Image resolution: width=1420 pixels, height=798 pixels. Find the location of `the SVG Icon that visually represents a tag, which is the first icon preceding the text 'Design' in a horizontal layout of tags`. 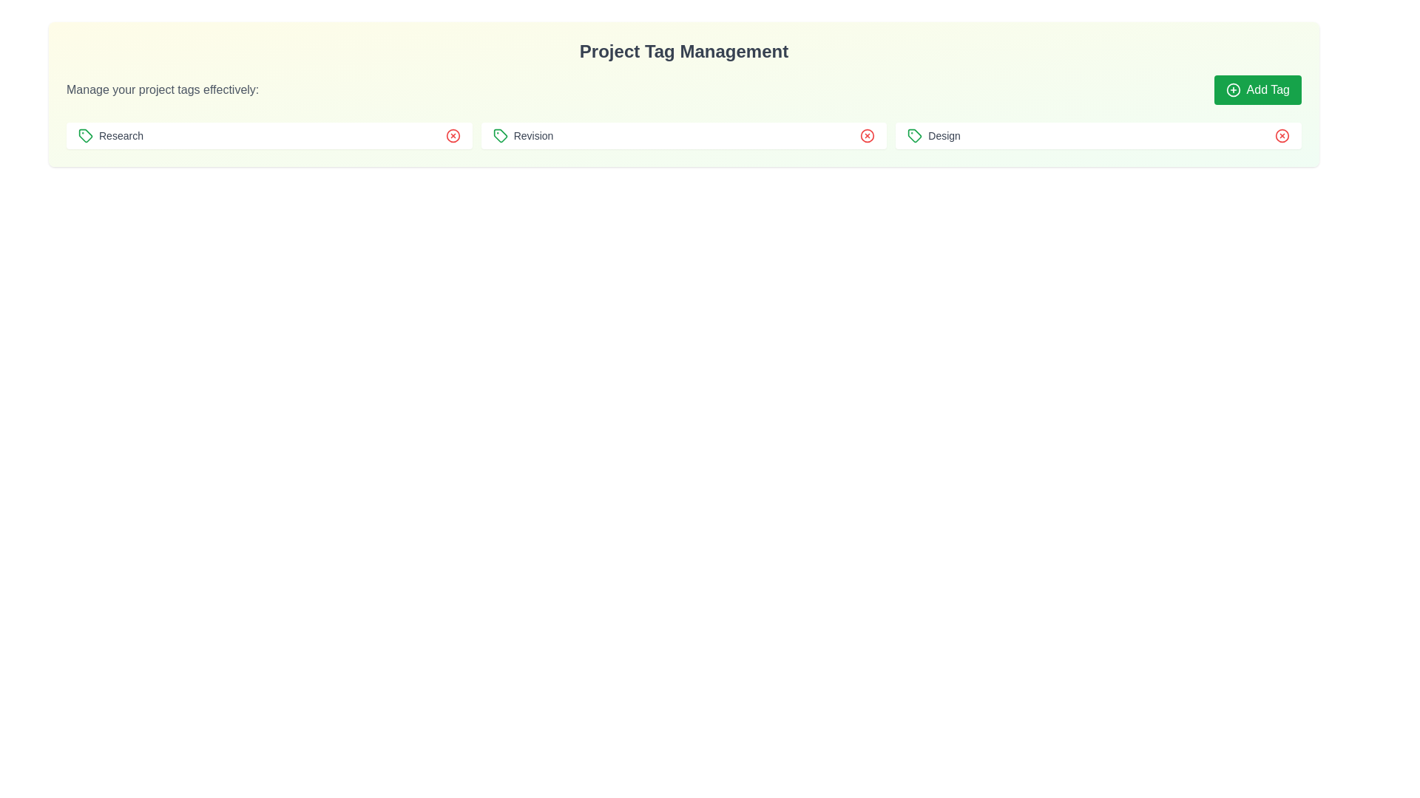

the SVG Icon that visually represents a tag, which is the first icon preceding the text 'Design' in a horizontal layout of tags is located at coordinates (914, 136).